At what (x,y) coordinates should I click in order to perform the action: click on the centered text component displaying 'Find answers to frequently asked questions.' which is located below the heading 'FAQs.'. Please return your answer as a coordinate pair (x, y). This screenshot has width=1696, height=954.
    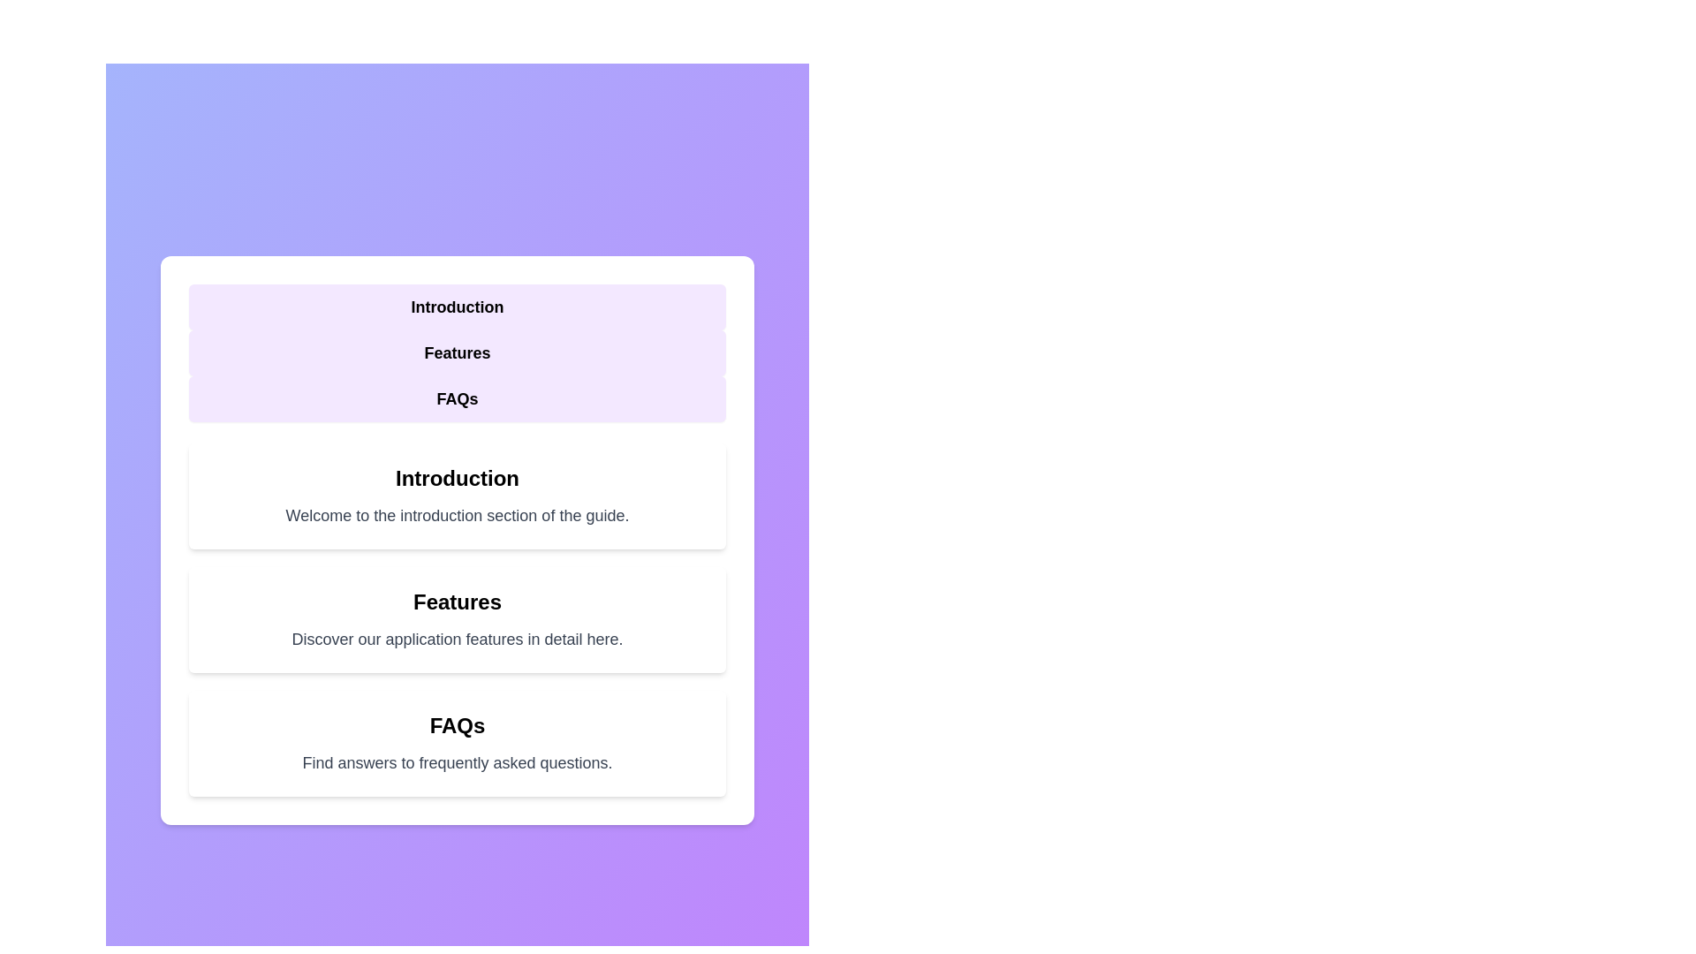
    Looking at the image, I should click on (458, 762).